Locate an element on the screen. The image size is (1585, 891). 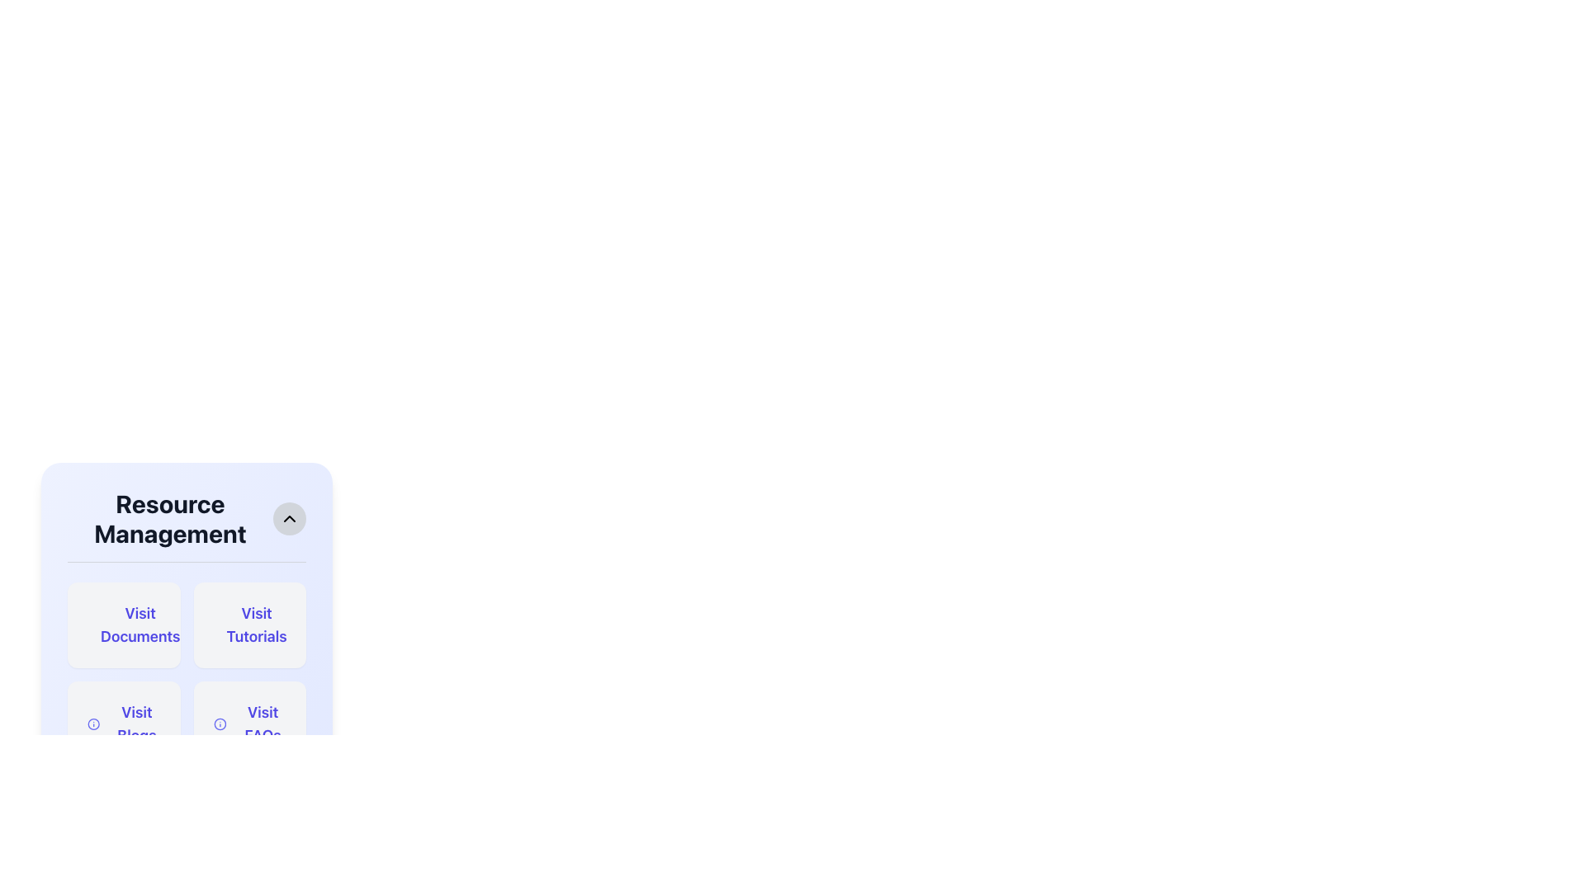
the 'Visit Documents' button, which is a rectangular button with a light gray background and bold purple text is located at coordinates (122, 625).